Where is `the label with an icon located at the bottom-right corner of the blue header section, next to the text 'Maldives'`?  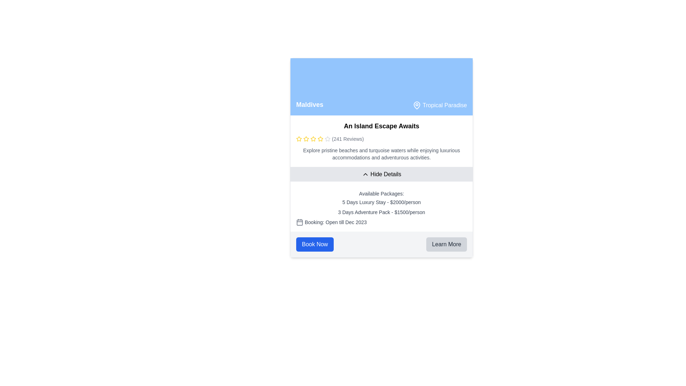
the label with an icon located at the bottom-right corner of the blue header section, next to the text 'Maldives' is located at coordinates (439, 105).